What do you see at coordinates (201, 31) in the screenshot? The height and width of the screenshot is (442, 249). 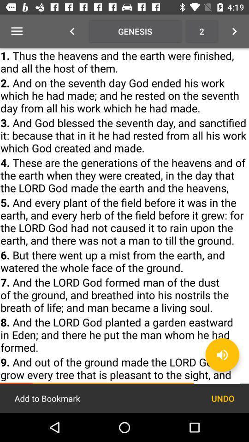 I see `number 2 which is after genesis on page` at bounding box center [201, 31].